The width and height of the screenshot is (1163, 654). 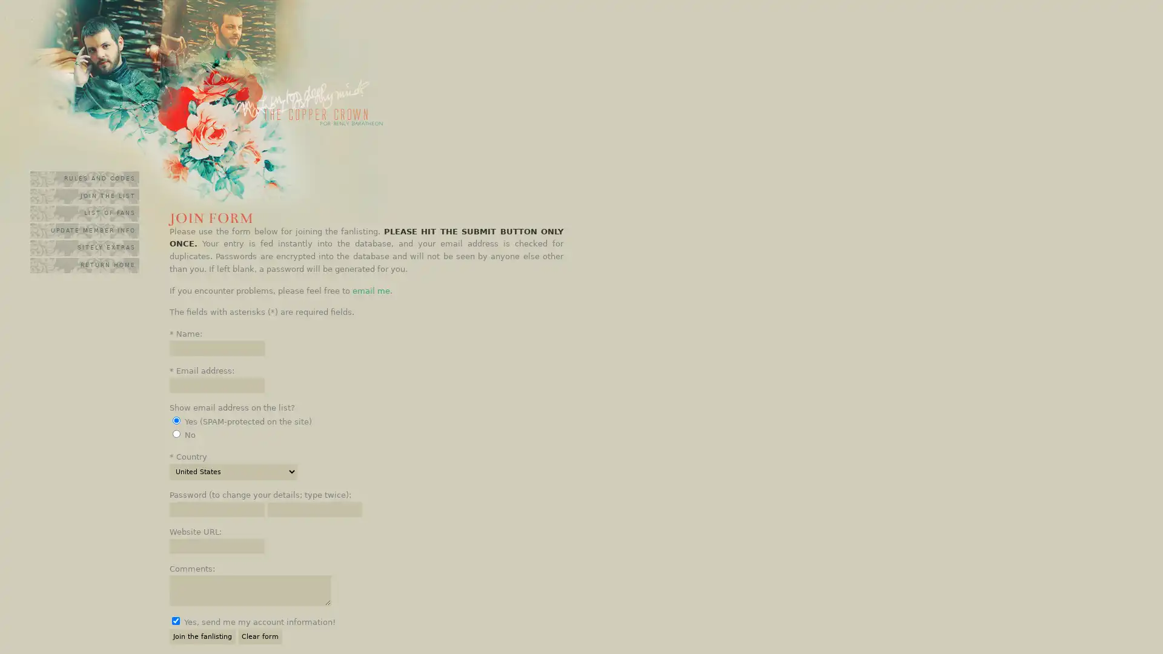 What do you see at coordinates (202, 636) in the screenshot?
I see `Join the fanlisting` at bounding box center [202, 636].